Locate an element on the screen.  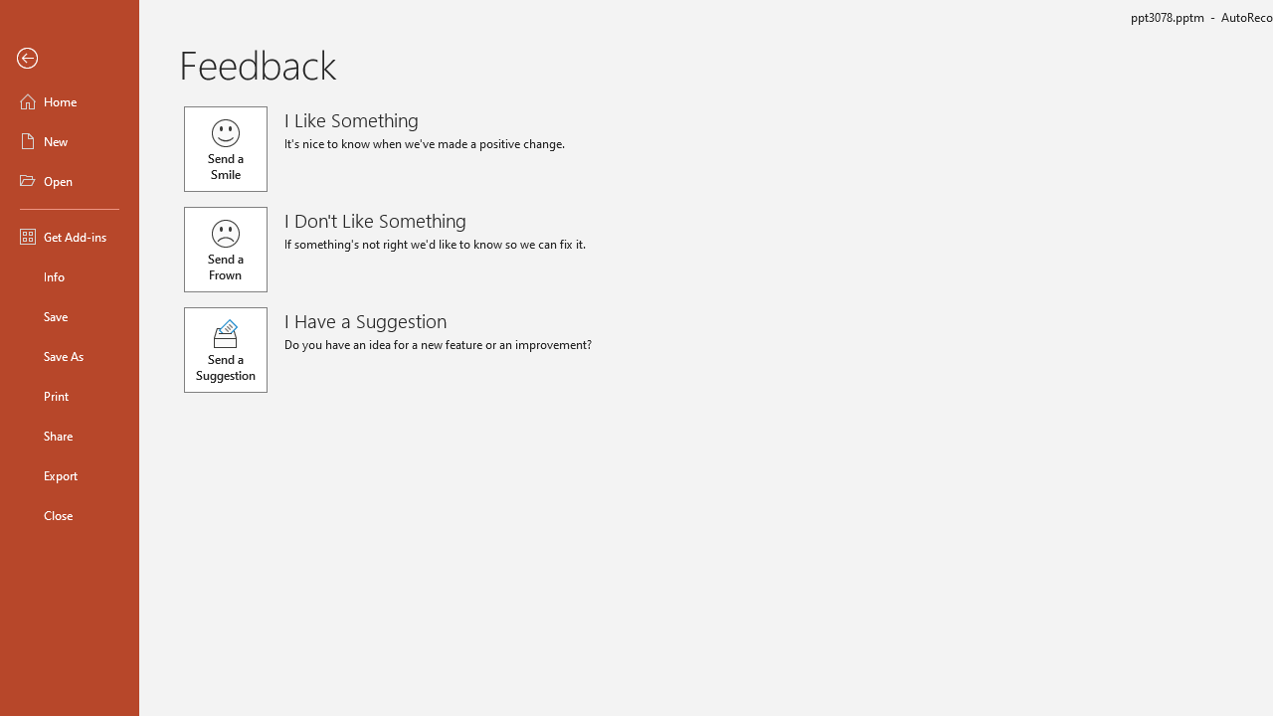
'Get Add-ins' is located at coordinates (69, 235).